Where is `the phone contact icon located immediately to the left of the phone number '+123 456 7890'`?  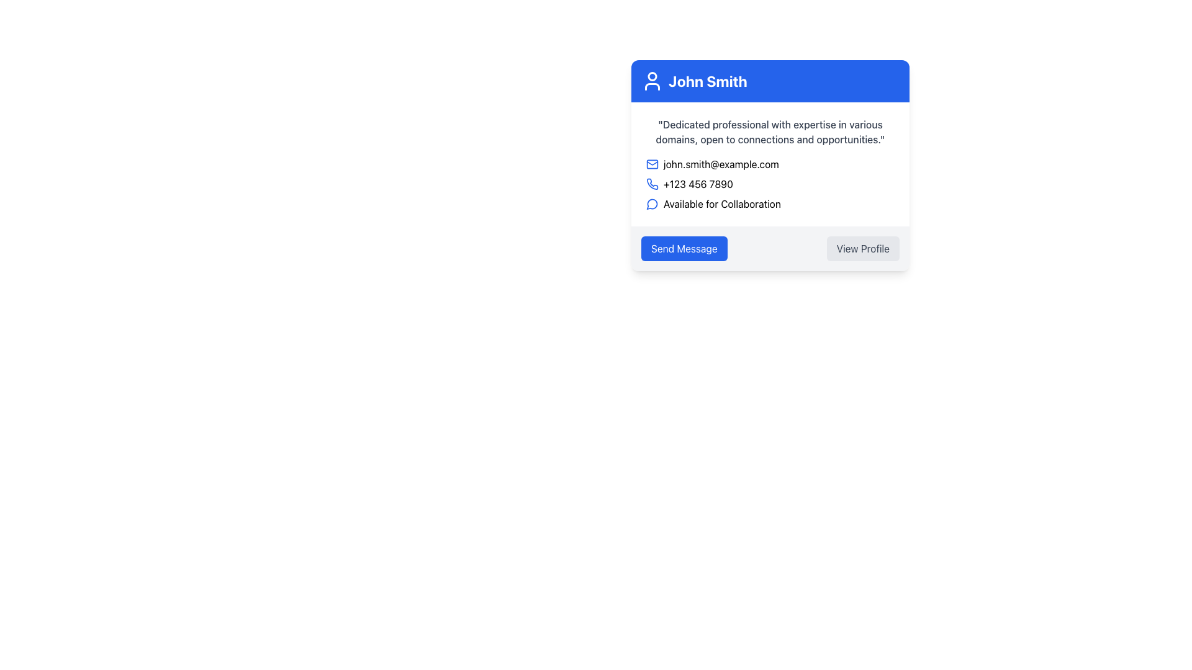
the phone contact icon located immediately to the left of the phone number '+123 456 7890' is located at coordinates (652, 184).